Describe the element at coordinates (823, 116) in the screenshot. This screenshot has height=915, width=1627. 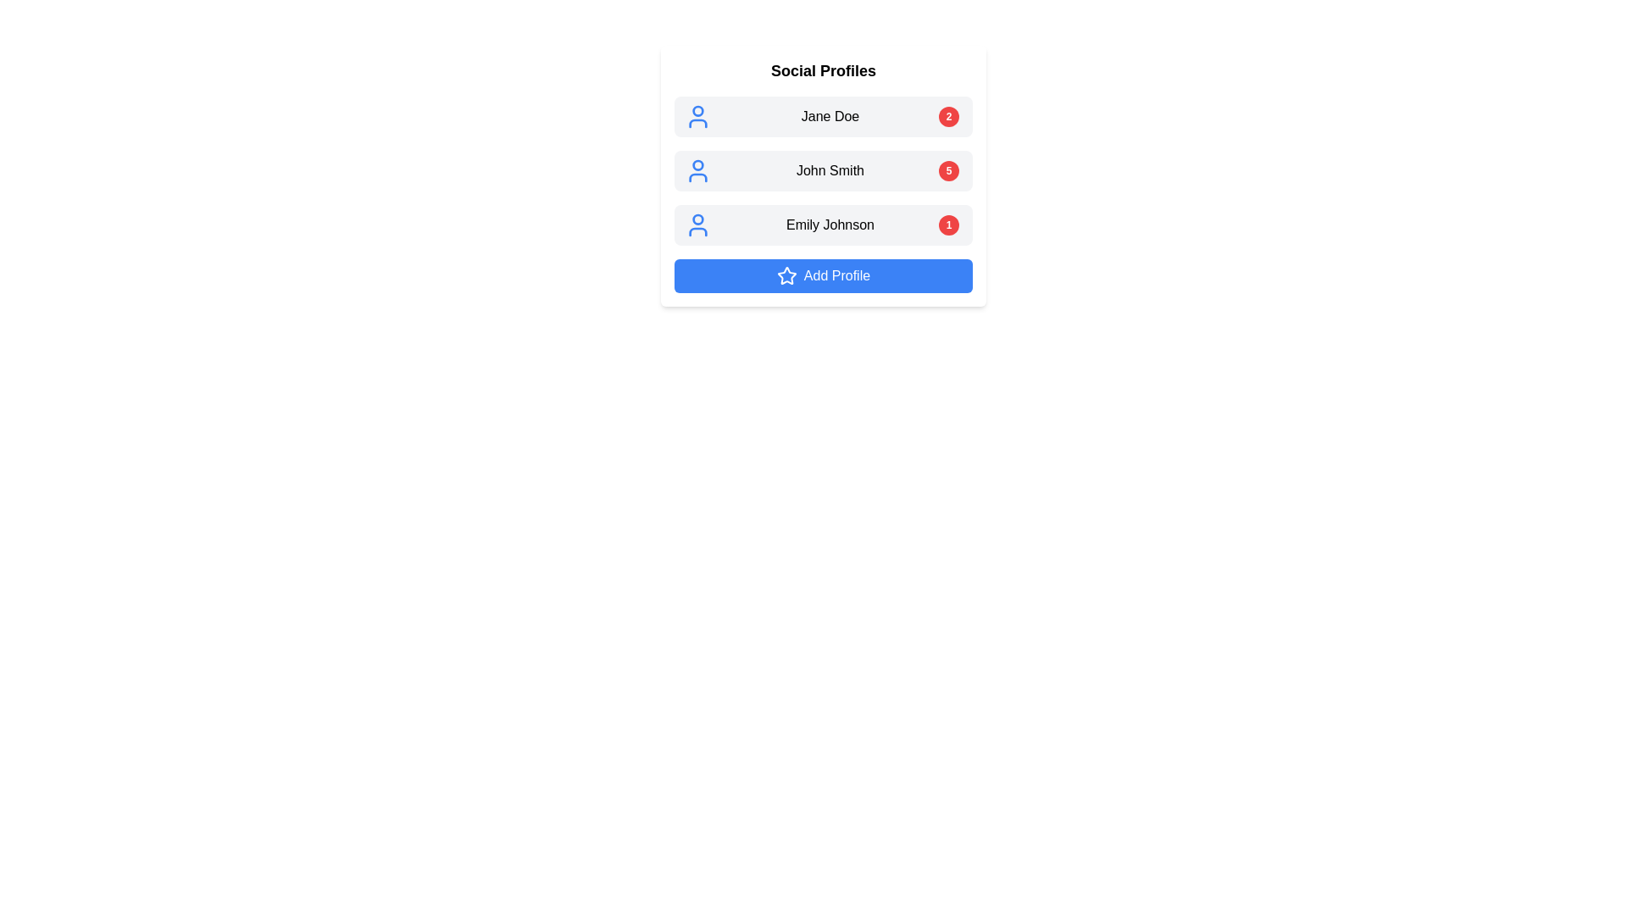
I see `the Profile list item for 'Jane Doe'` at that location.